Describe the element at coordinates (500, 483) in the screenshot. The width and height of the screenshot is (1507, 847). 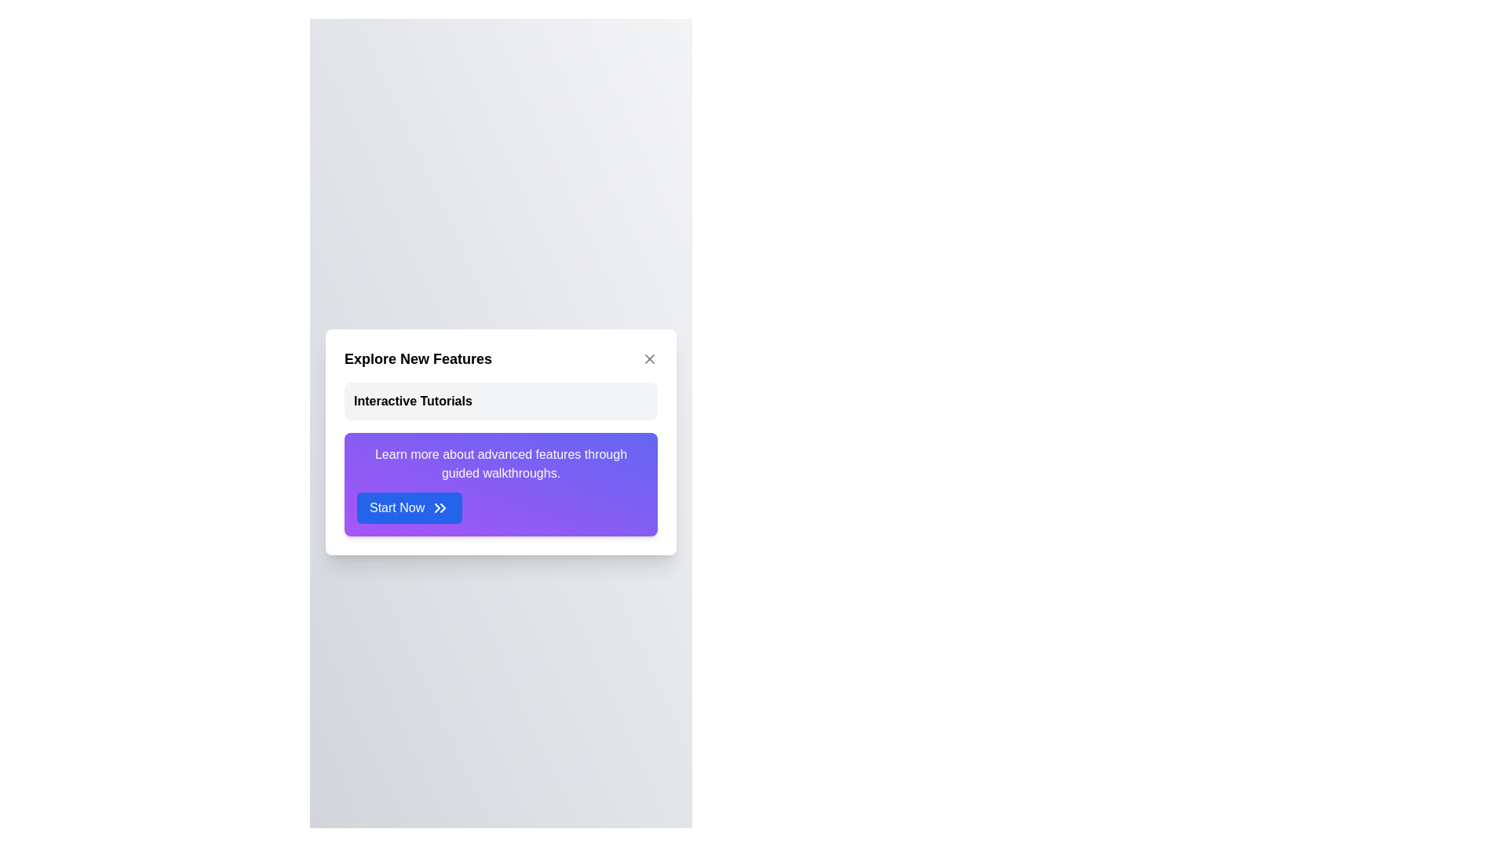
I see `the interactive button component which contains the text 'Learn more about advanced features through guided walkthroughs.' and the button labeled 'Start Now.'` at that location.